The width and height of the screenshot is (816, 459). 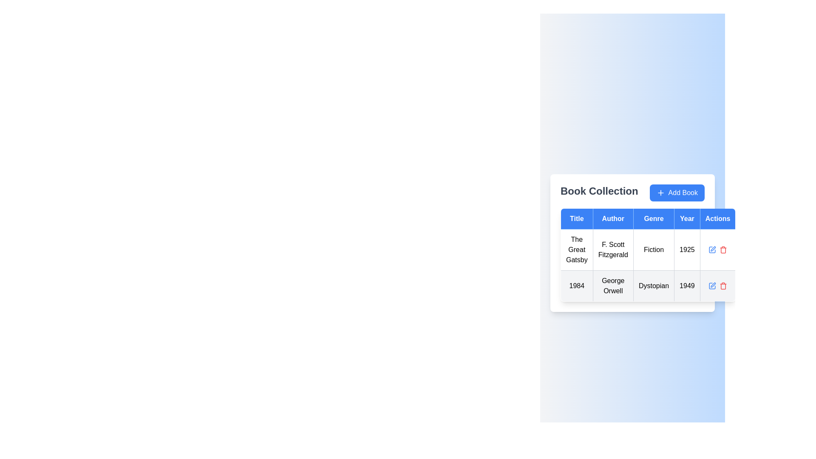 I want to click on the square icon outlined with rounded corners in the 'Actions' column of the second row to initiate an edit action, so click(x=712, y=249).